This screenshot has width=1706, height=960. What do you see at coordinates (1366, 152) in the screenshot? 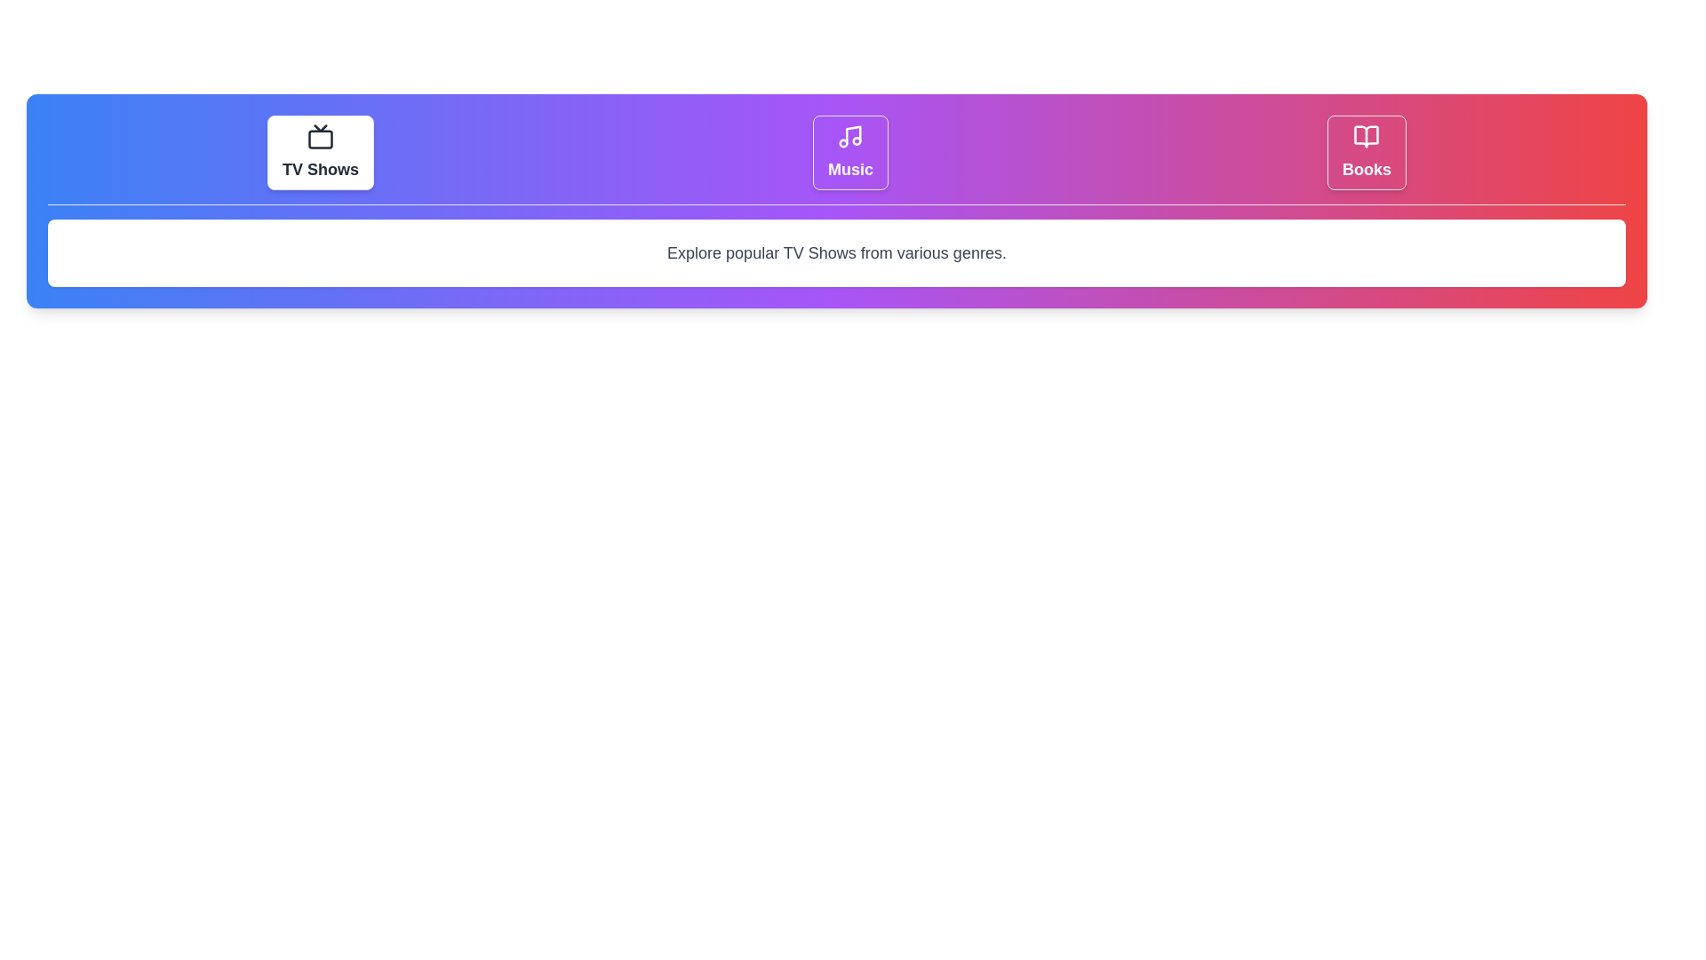
I see `the tab labeled Books` at bounding box center [1366, 152].